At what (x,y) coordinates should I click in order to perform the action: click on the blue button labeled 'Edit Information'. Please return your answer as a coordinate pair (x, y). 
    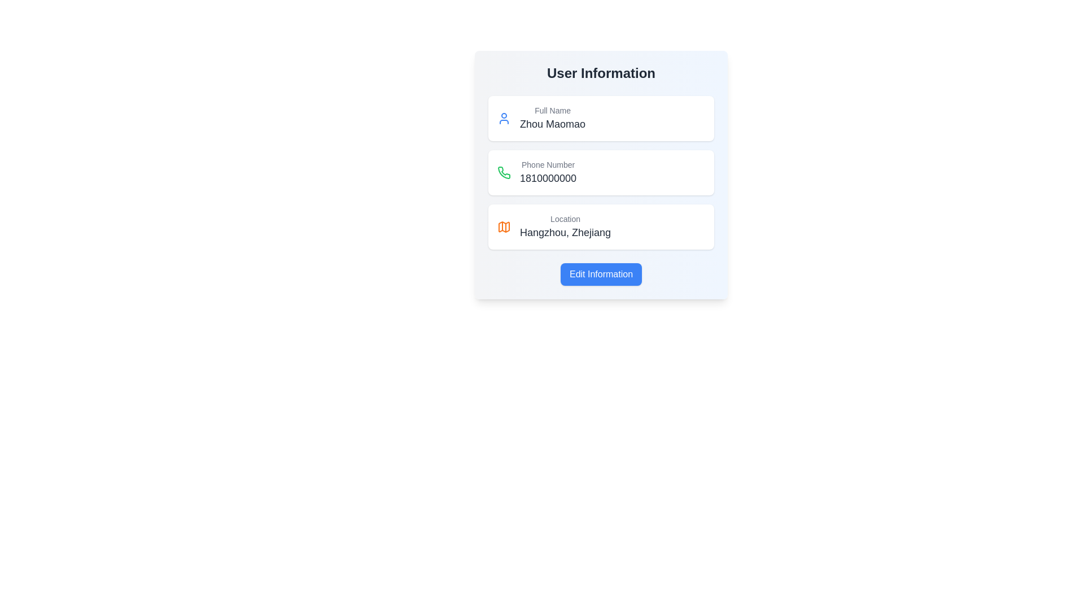
    Looking at the image, I should click on (601, 274).